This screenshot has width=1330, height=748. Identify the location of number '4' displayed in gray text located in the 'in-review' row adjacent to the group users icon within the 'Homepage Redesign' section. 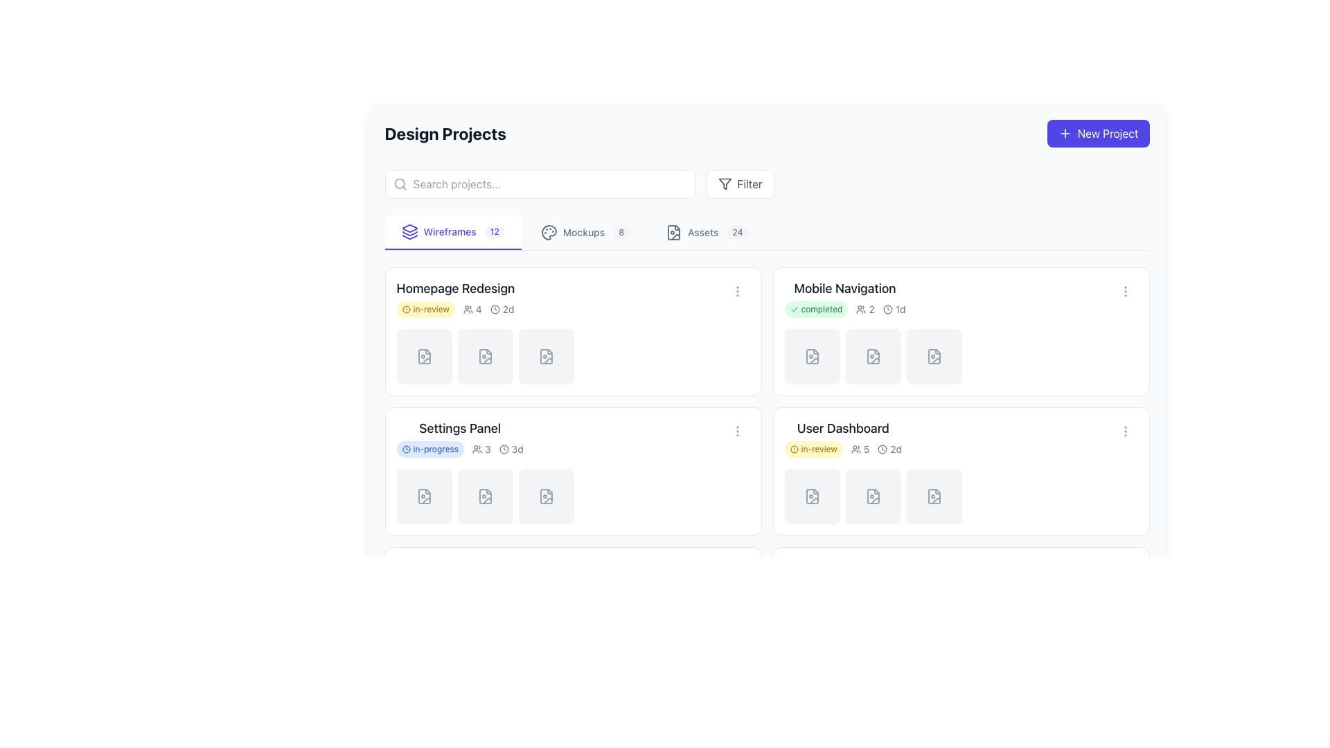
(472, 309).